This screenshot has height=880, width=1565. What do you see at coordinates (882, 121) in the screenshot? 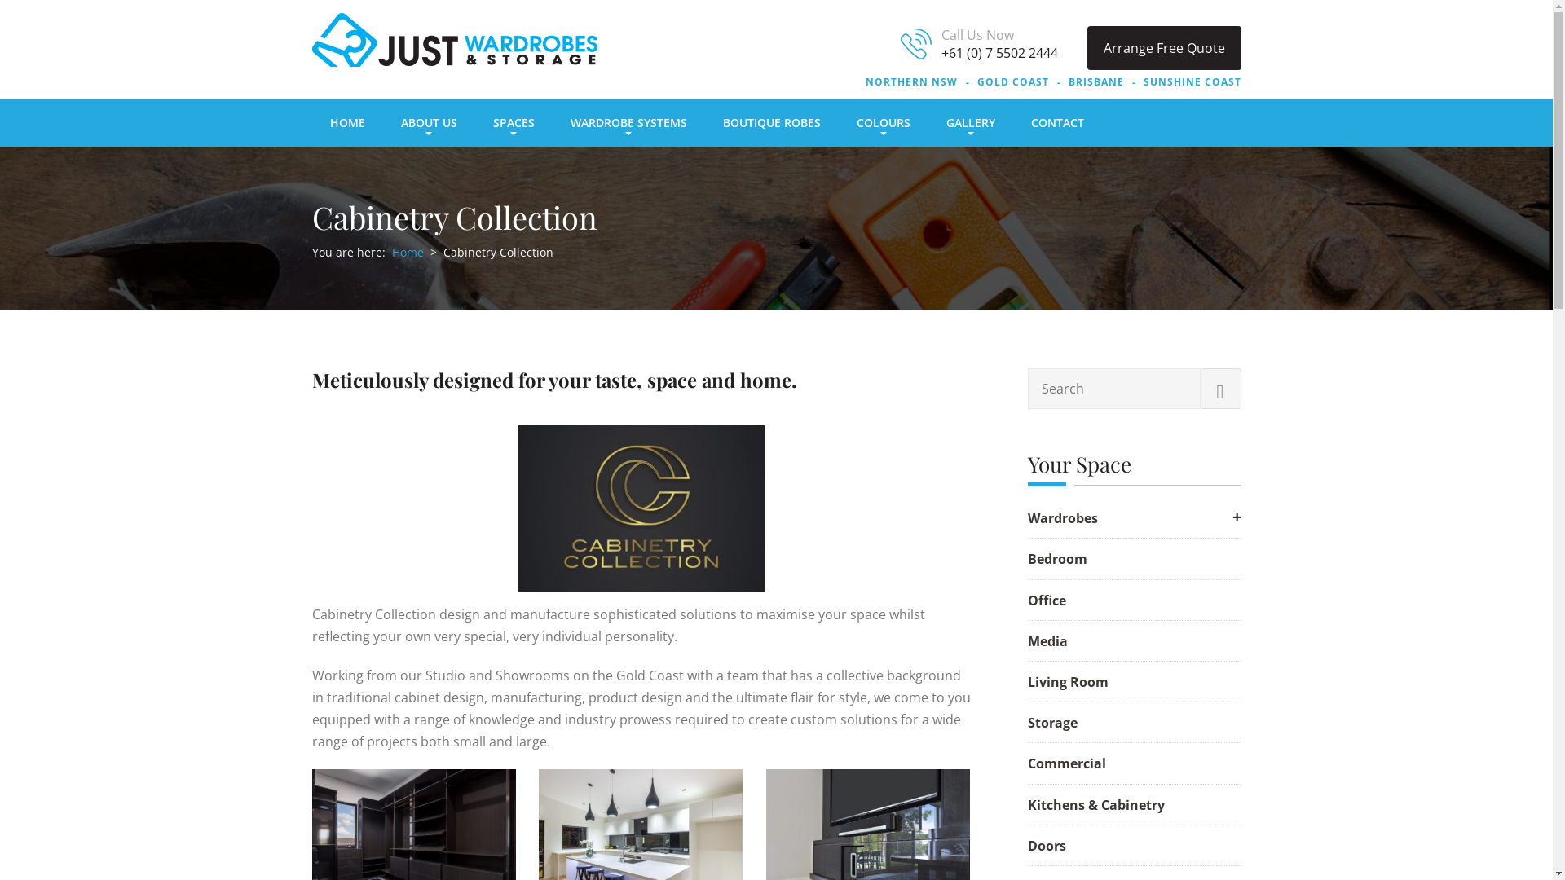
I see `'COLOURS'` at bounding box center [882, 121].